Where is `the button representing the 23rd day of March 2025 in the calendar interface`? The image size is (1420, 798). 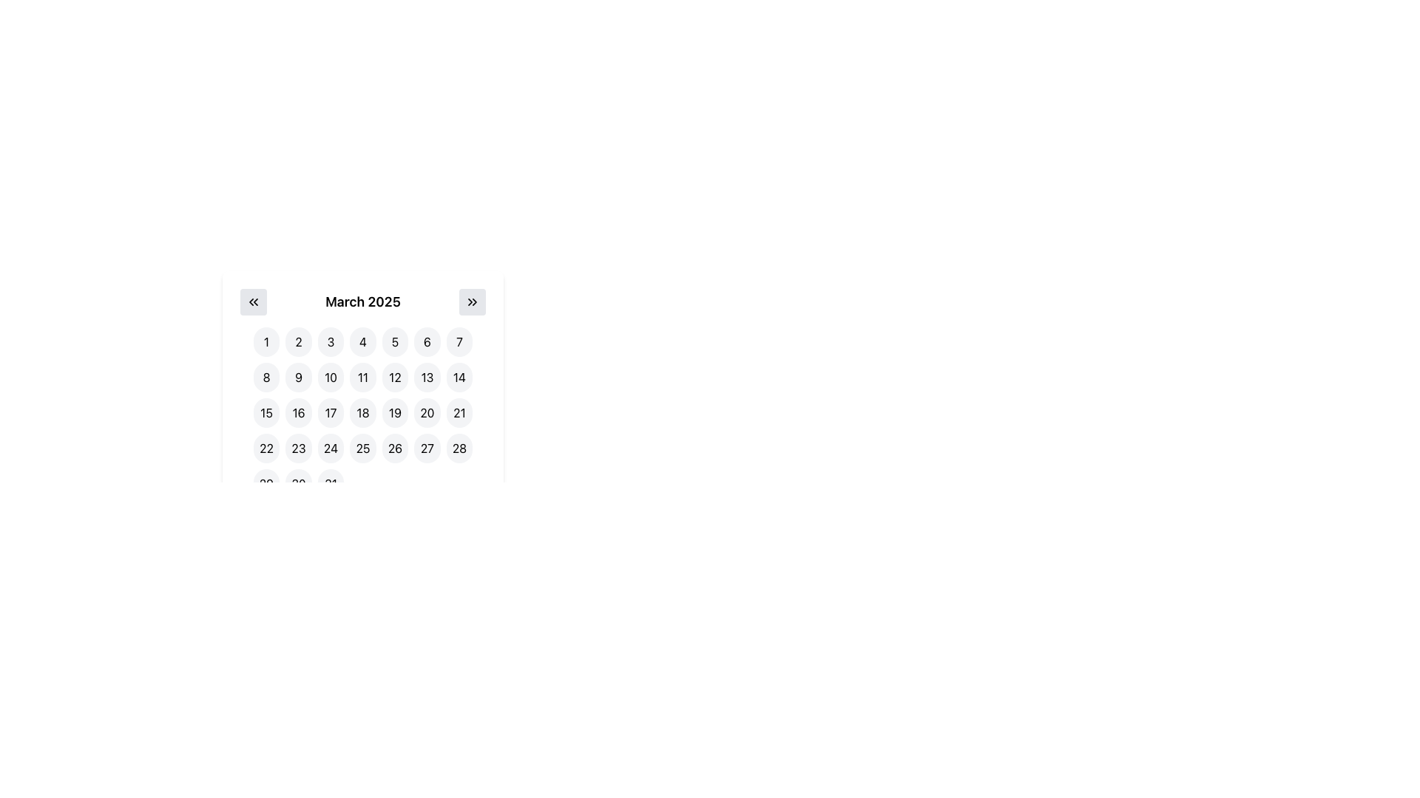
the button representing the 23rd day of March 2025 in the calendar interface is located at coordinates (297, 447).